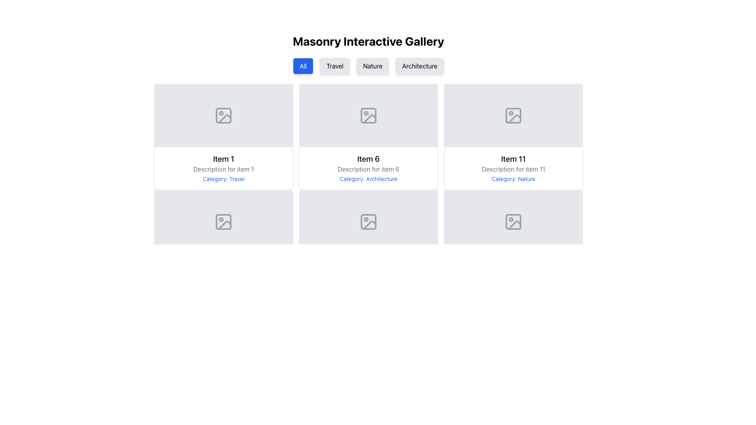 The width and height of the screenshot is (756, 425). I want to click on the category text 'Category: Architecture' within the Text Display Block for Item 6, so click(368, 168).